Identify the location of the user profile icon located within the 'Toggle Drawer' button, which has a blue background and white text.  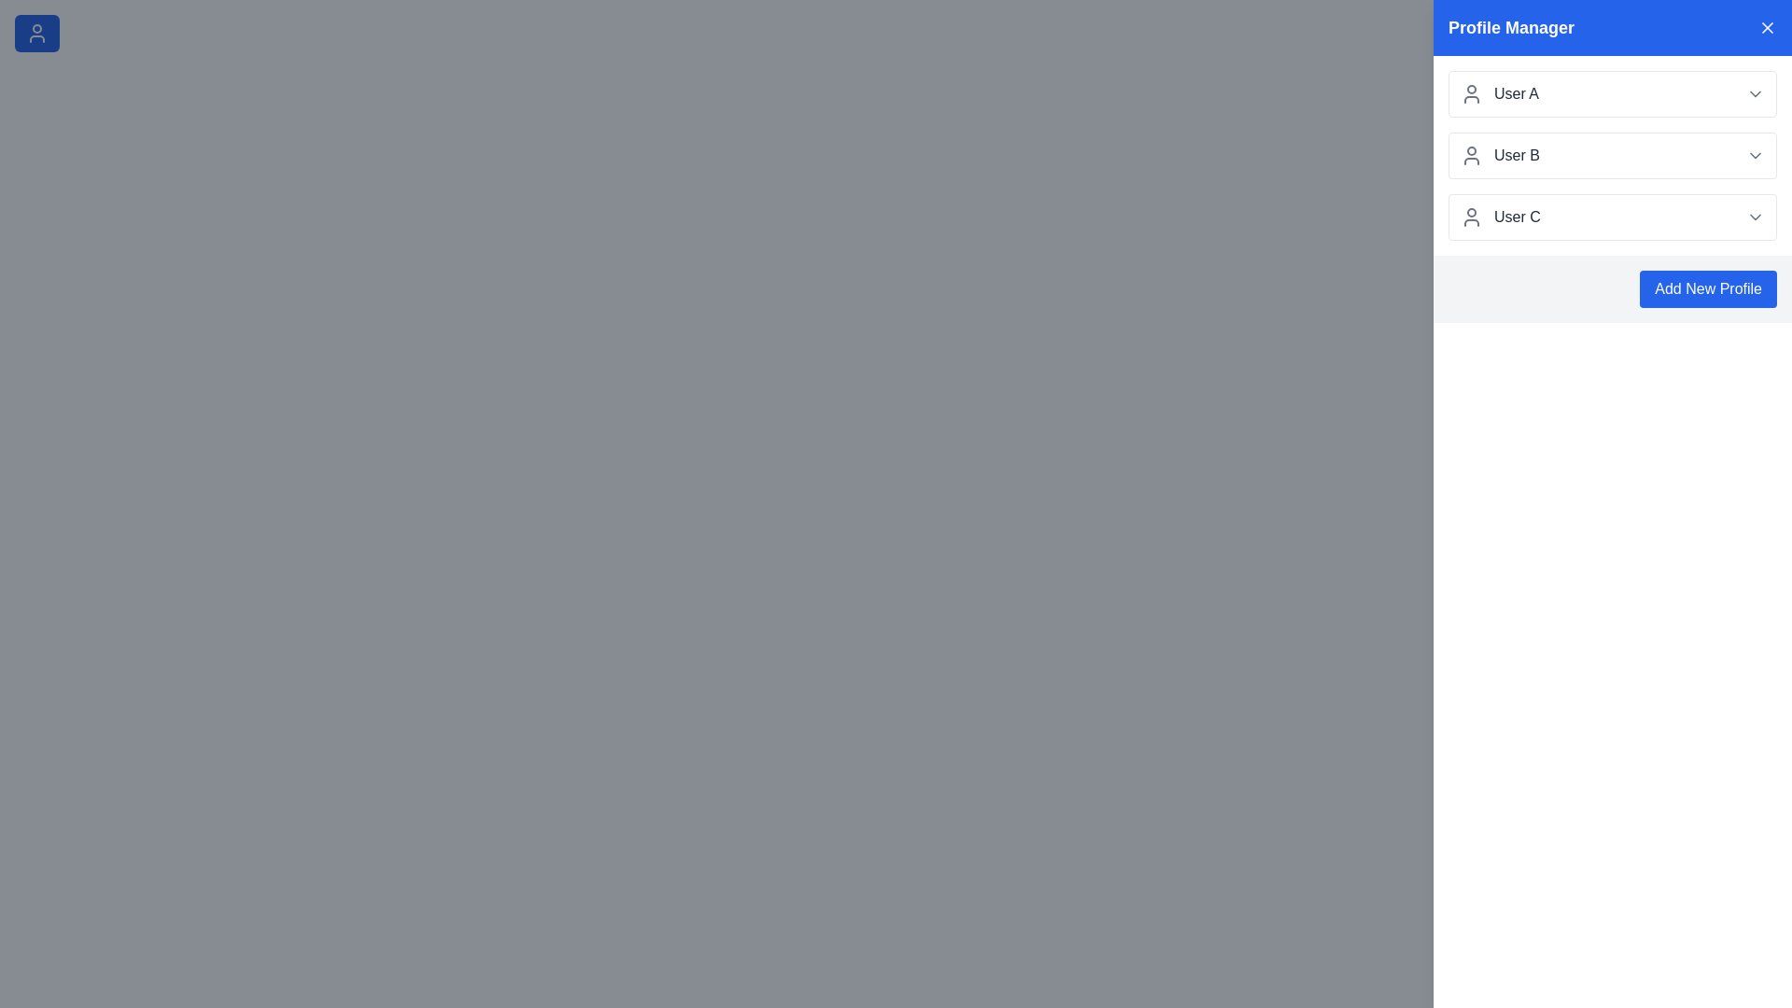
(36, 33).